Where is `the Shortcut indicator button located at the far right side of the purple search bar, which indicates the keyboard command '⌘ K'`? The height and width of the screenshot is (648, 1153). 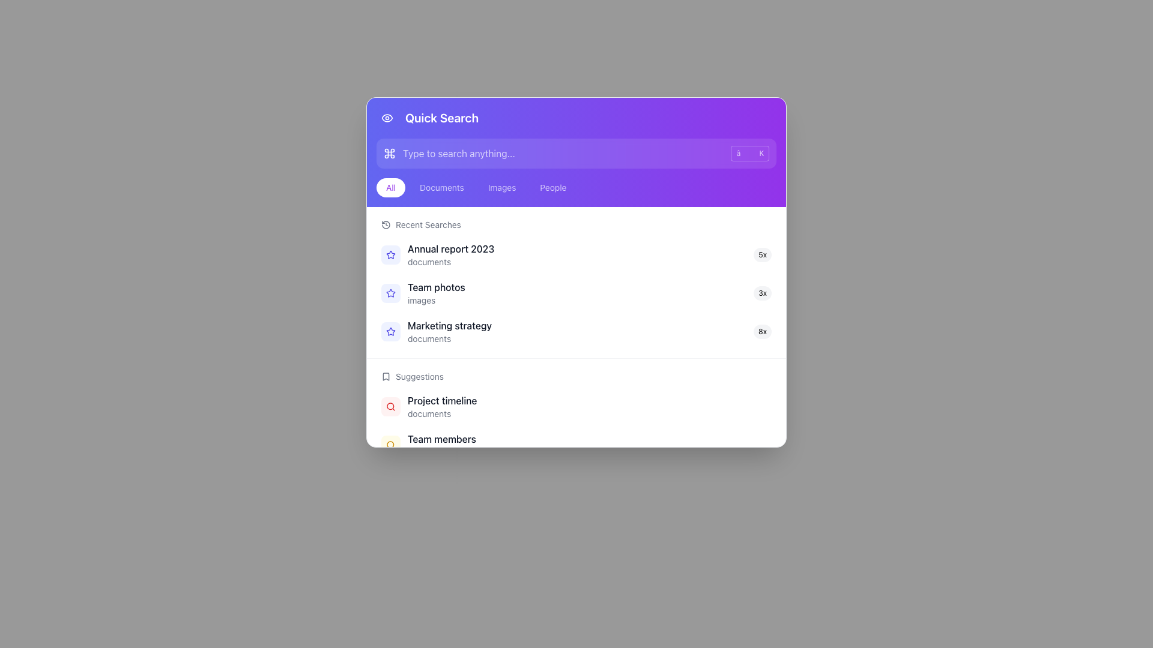
the Shortcut indicator button located at the far right side of the purple search bar, which indicates the keyboard command '⌘ K' is located at coordinates (749, 152).